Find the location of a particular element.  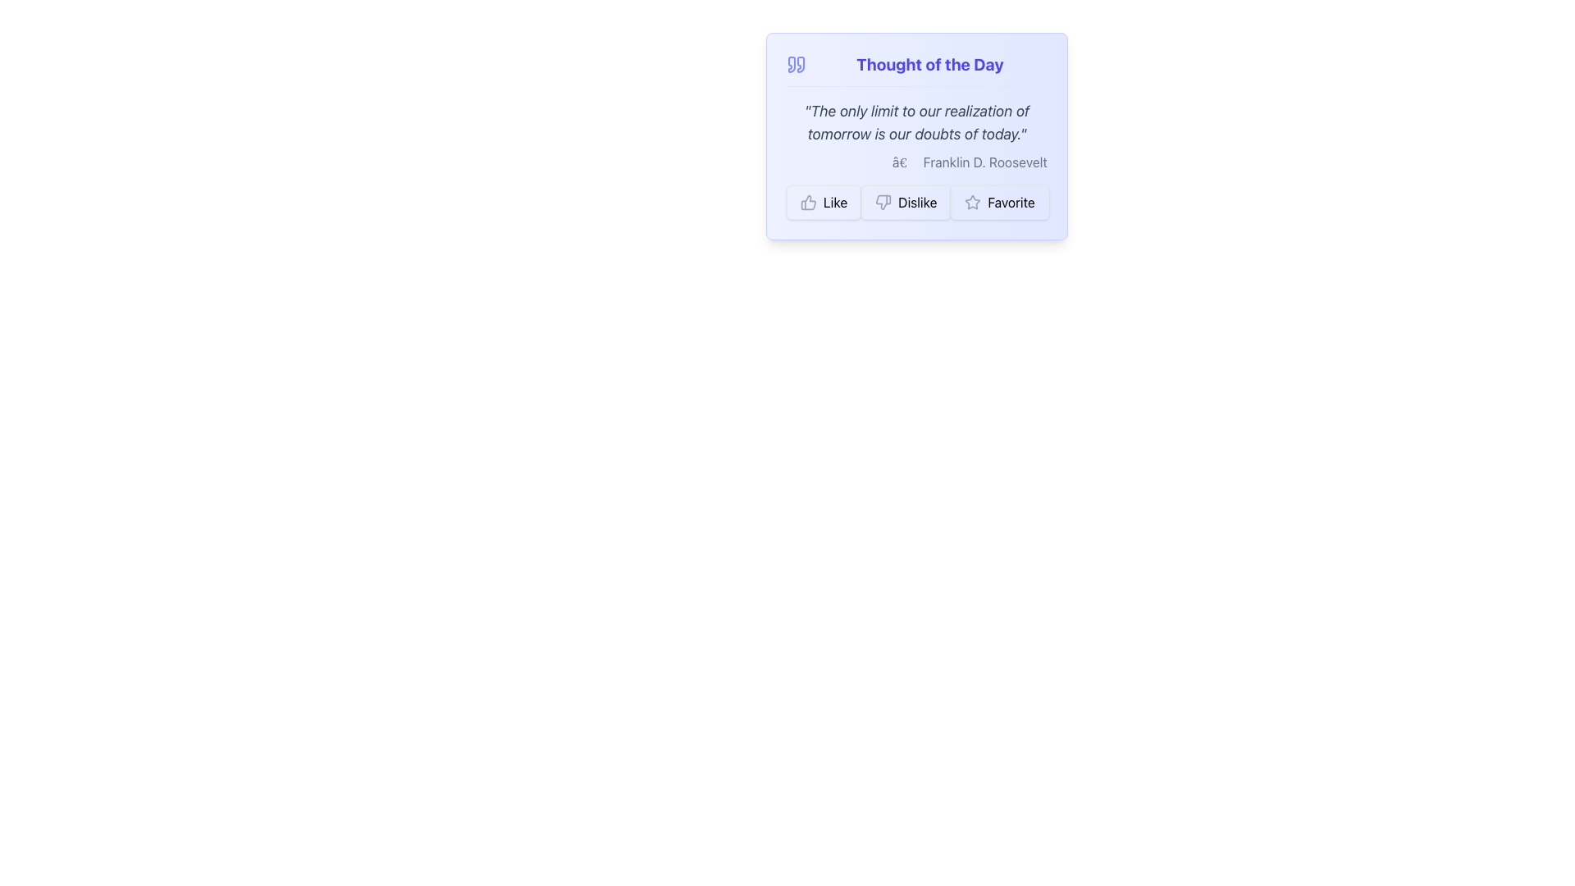

the 'Dislike' button located between the 'Like' button and the 'Favorite' button below the 'Thought of the Day' content box is located at coordinates (905, 201).